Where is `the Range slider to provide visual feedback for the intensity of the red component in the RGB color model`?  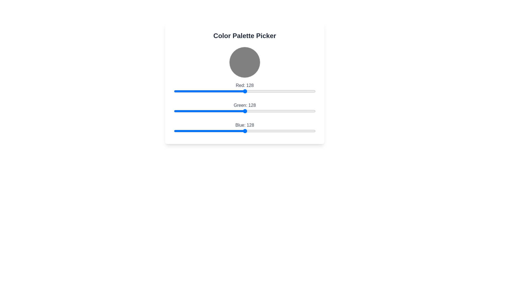 the Range slider to provide visual feedback for the intensity of the red component in the RGB color model is located at coordinates (244, 91).